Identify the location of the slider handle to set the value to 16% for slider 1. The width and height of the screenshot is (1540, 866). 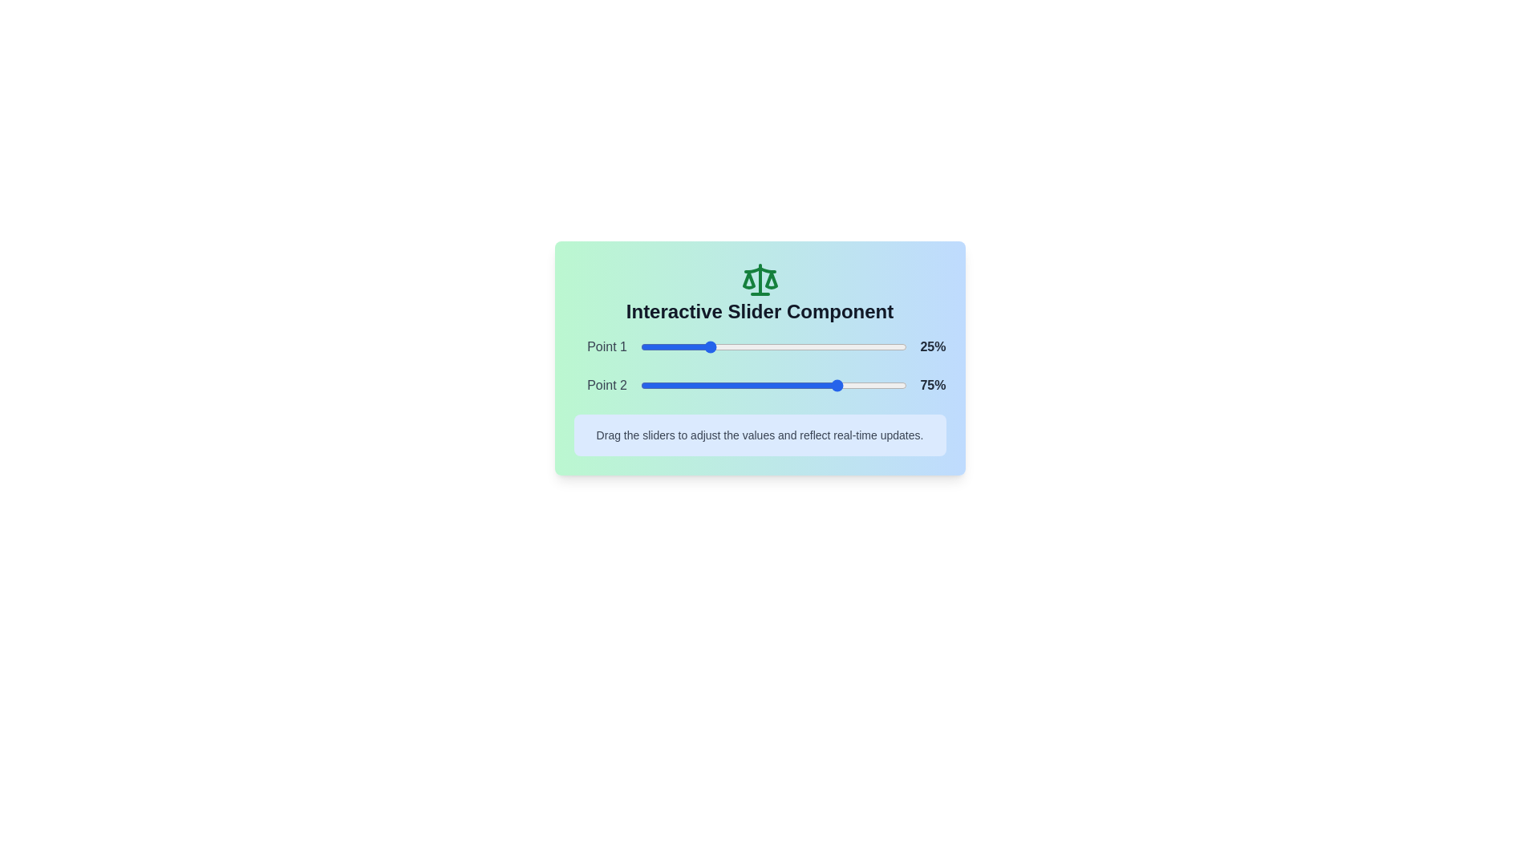
(683, 346).